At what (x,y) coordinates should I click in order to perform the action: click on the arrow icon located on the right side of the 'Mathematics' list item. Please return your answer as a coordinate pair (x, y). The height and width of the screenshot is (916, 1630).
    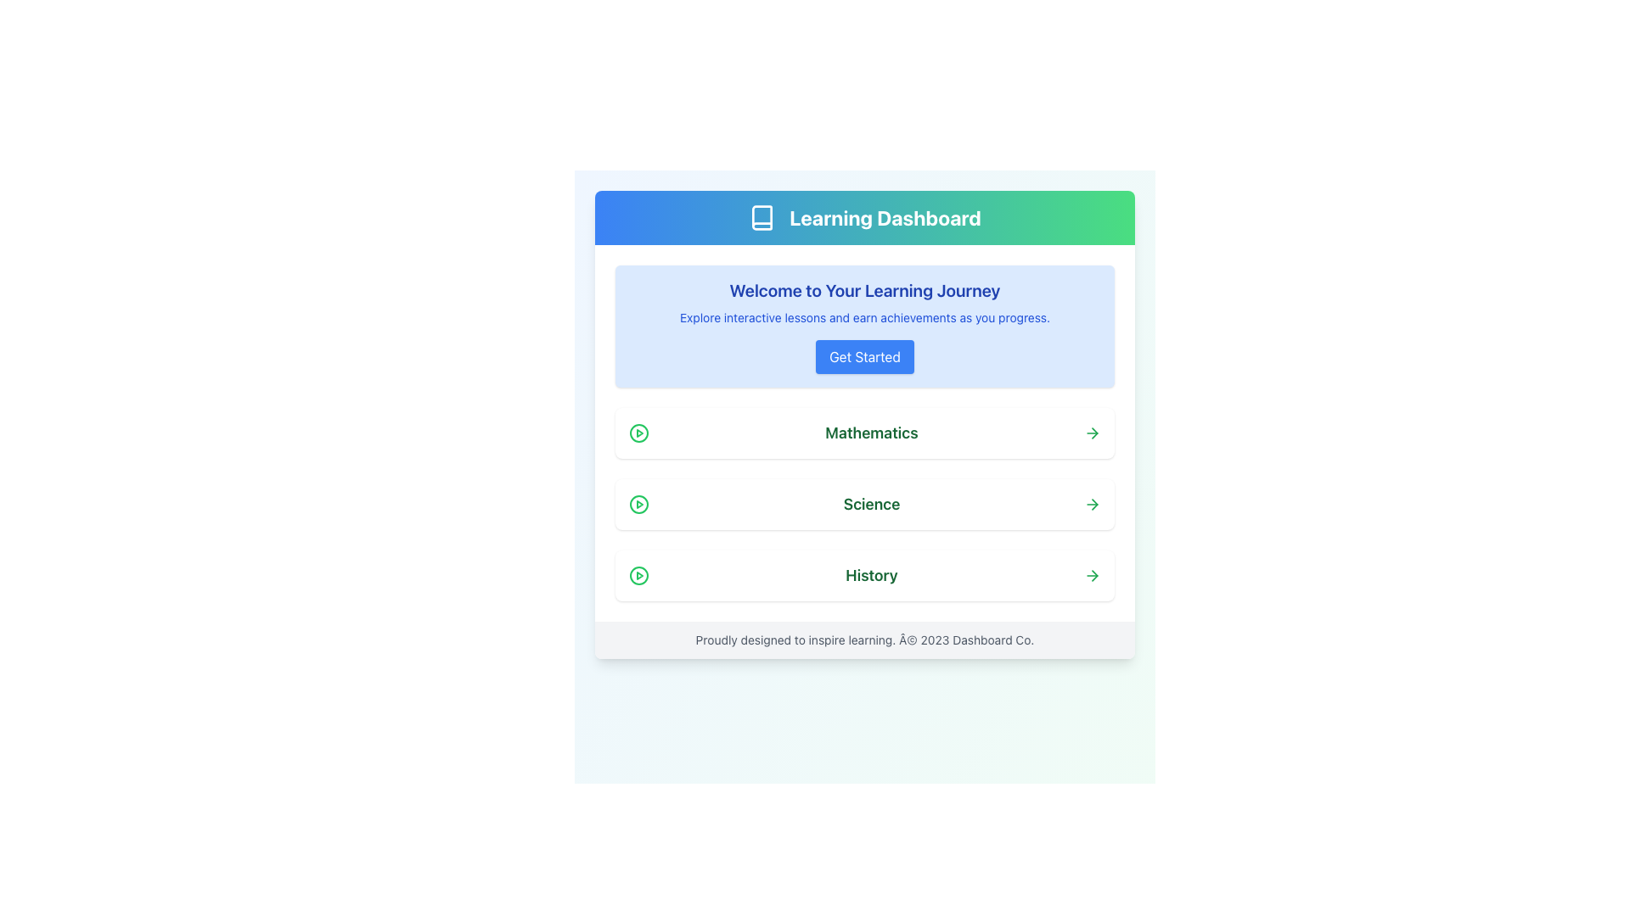
    Looking at the image, I should click on (1094, 431).